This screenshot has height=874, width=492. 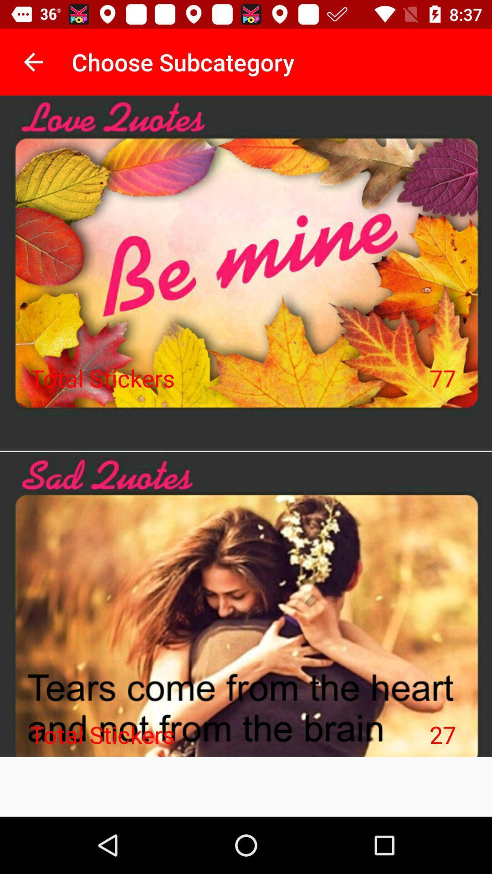 I want to click on icon next to choose subcategory item, so click(x=33, y=61).